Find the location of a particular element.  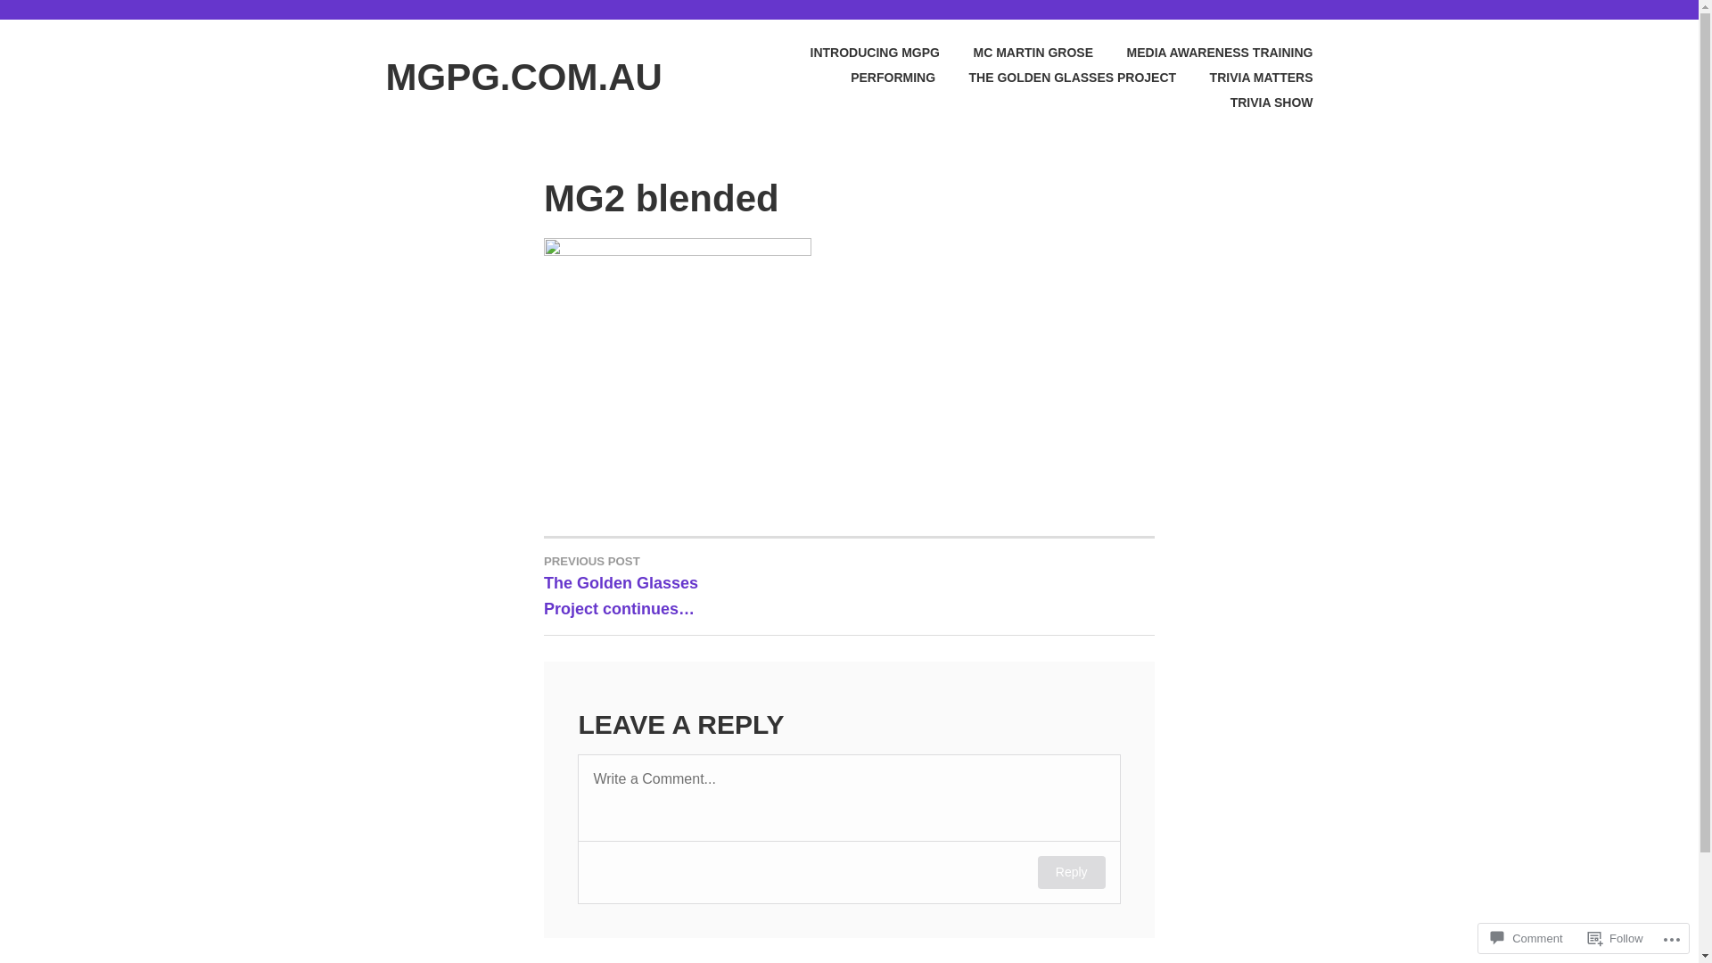

'Reply' is located at coordinates (1070, 871).